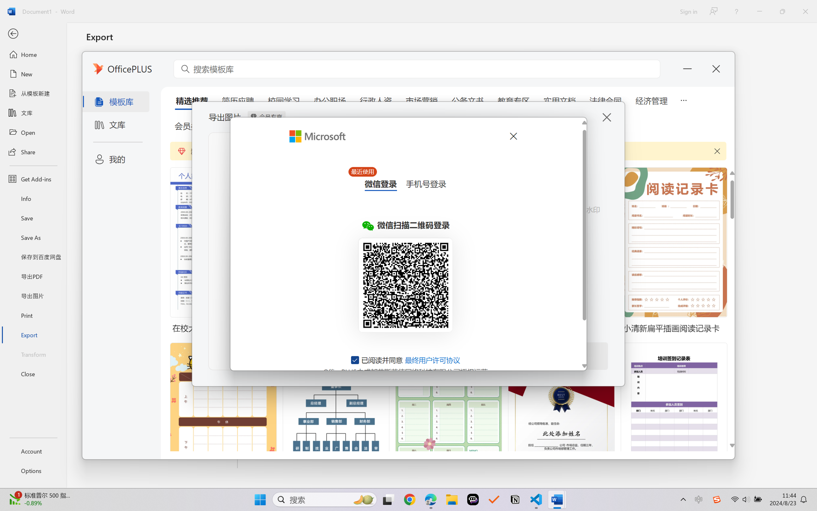 The width and height of the screenshot is (817, 511). What do you see at coordinates (33, 178) in the screenshot?
I see `'Get Add-ins'` at bounding box center [33, 178].